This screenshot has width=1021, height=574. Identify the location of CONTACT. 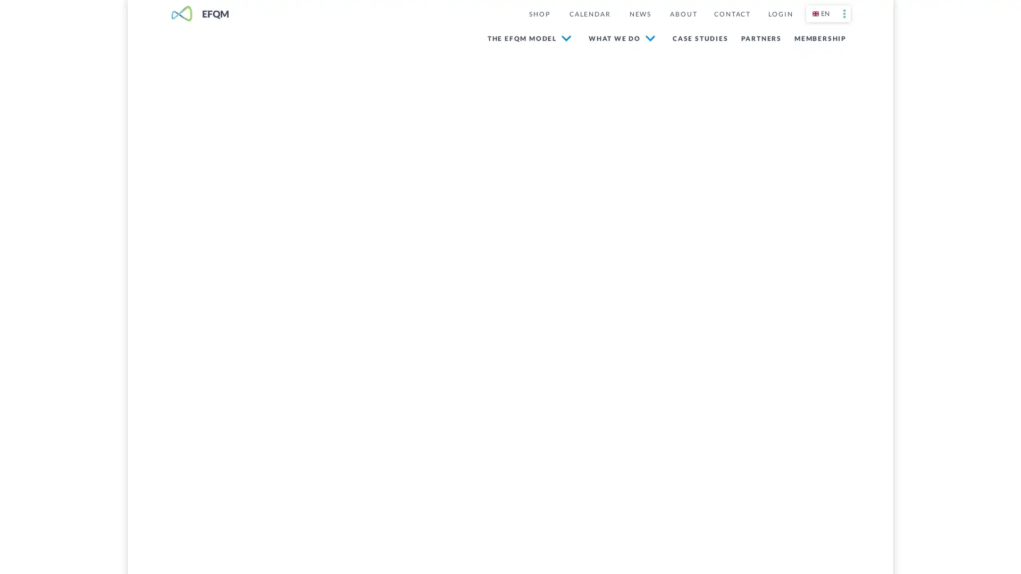
(732, 14).